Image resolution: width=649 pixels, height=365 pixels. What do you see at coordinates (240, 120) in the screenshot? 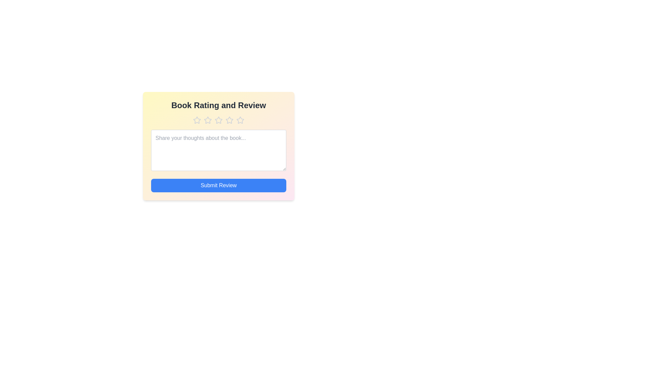
I see `the book rating to 5 stars by clicking on the corresponding star` at bounding box center [240, 120].